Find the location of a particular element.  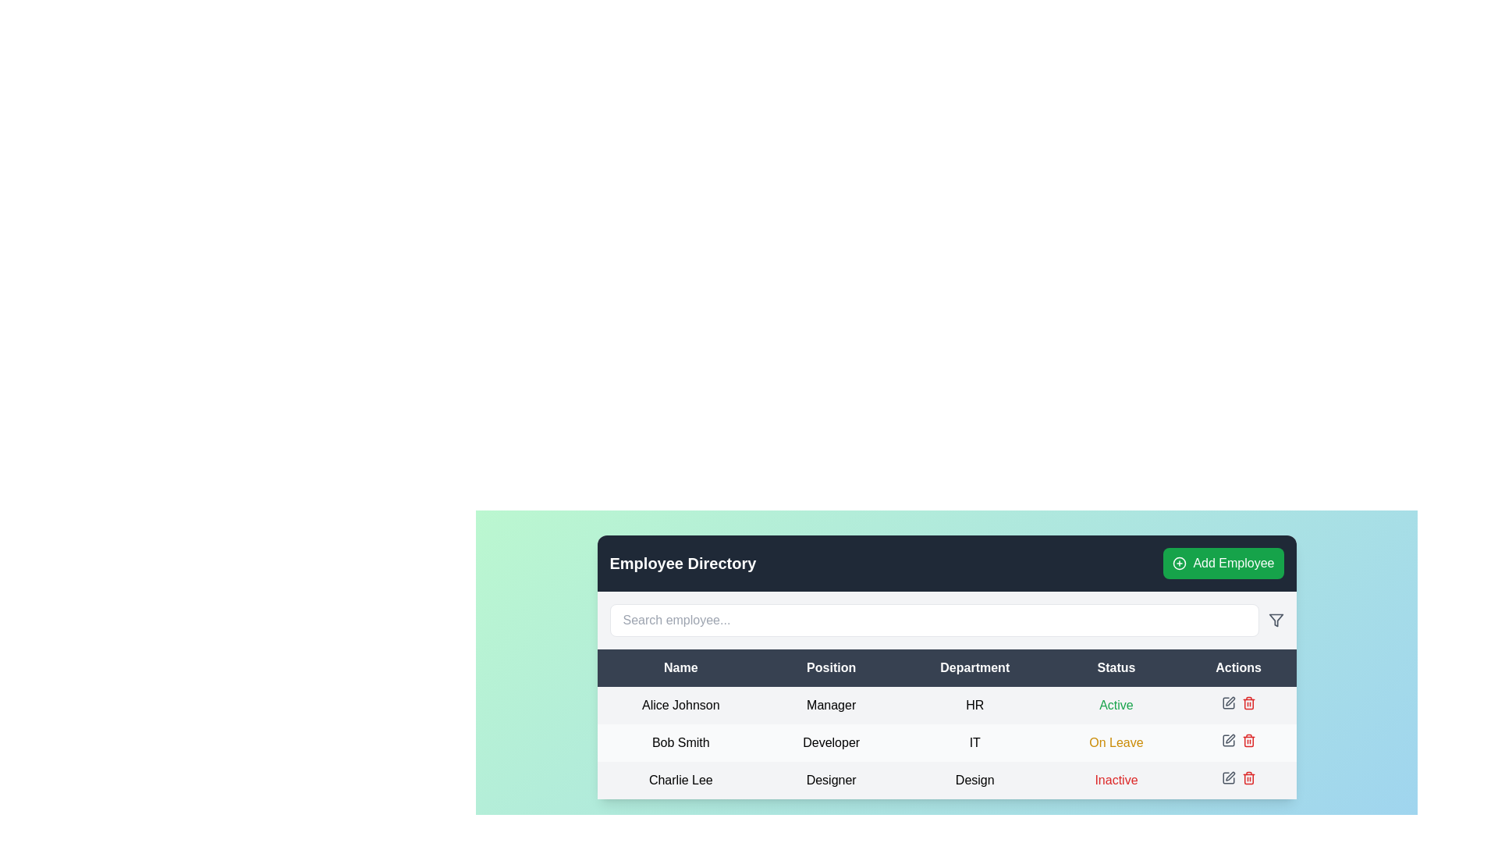

the edit action button with a pencil icon located in the 'Actions' column of the last row associated with 'Charlie Lee' is located at coordinates (1227, 777).